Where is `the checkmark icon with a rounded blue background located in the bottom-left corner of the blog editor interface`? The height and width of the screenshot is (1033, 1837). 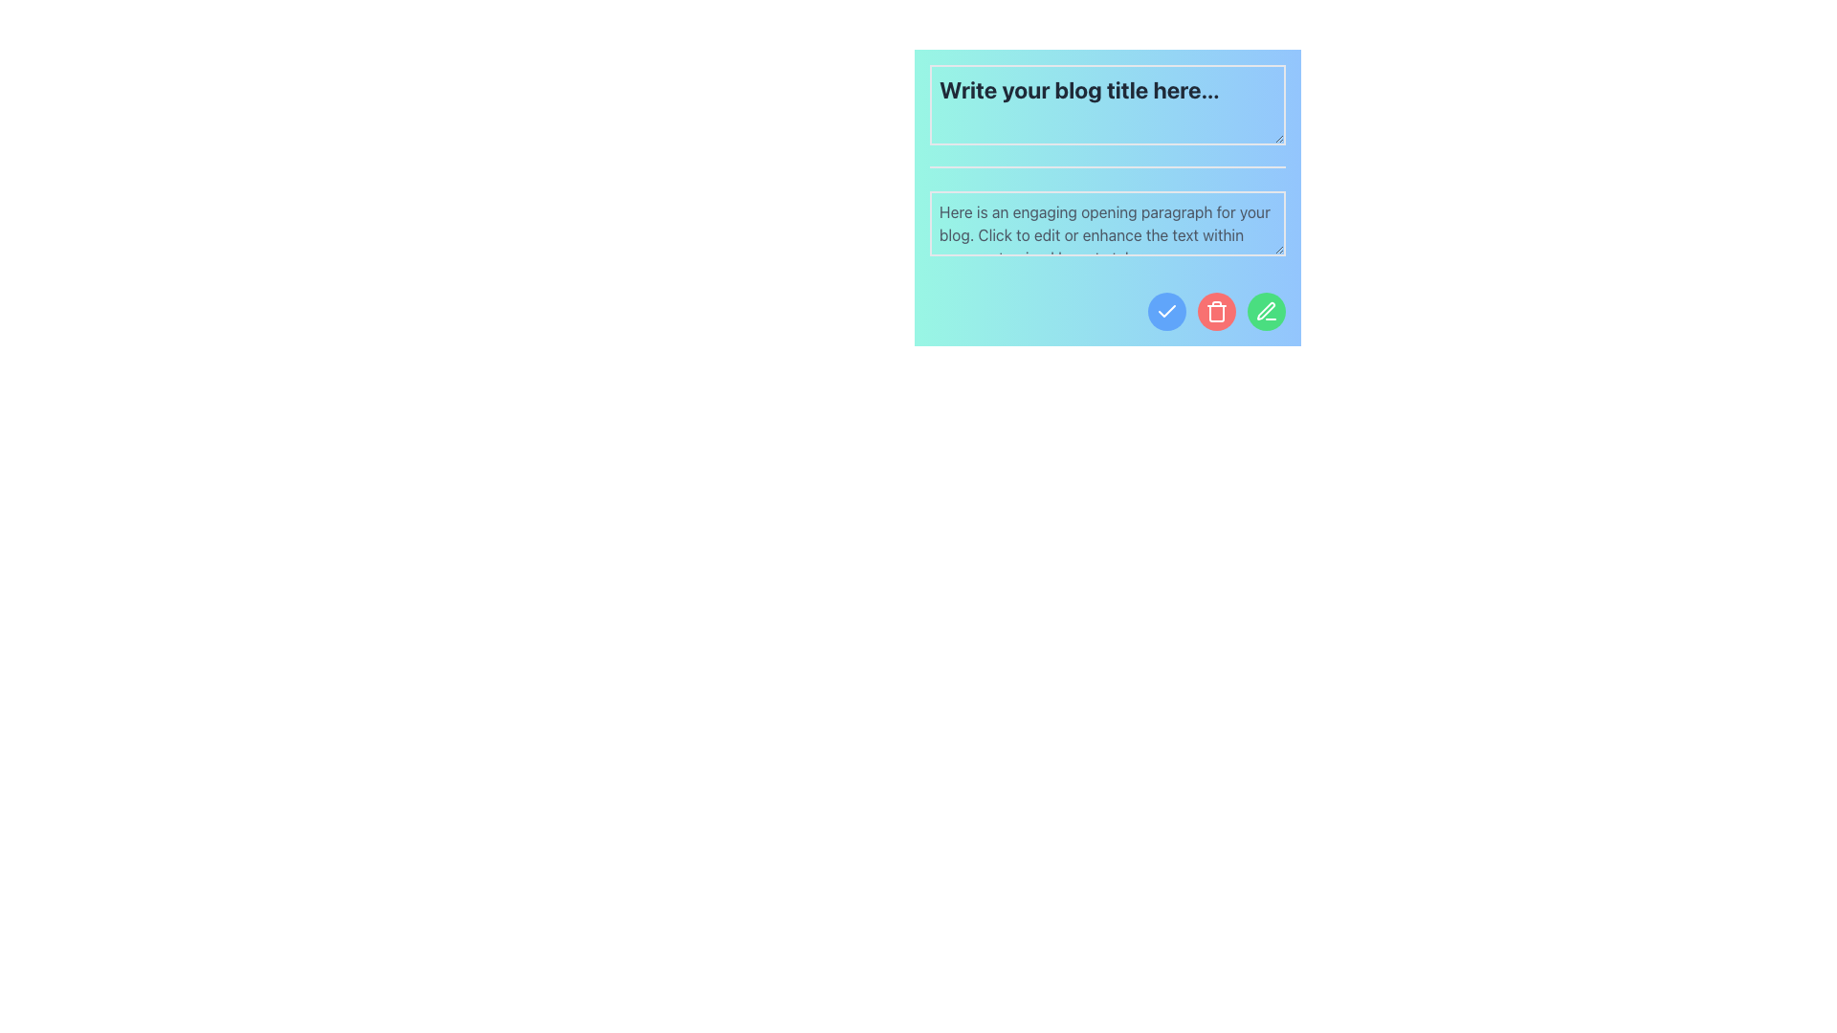 the checkmark icon with a rounded blue background located in the bottom-left corner of the blog editor interface is located at coordinates (1165, 311).